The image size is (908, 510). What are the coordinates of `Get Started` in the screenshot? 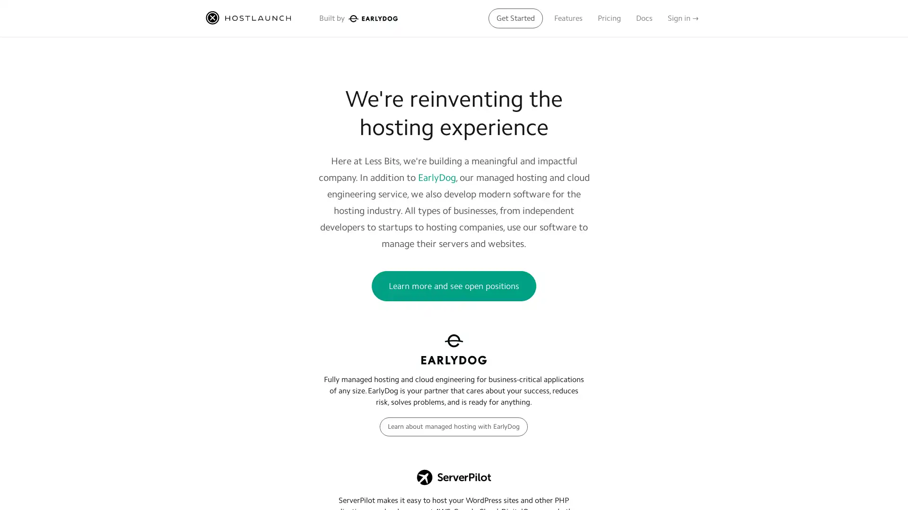 It's located at (515, 18).